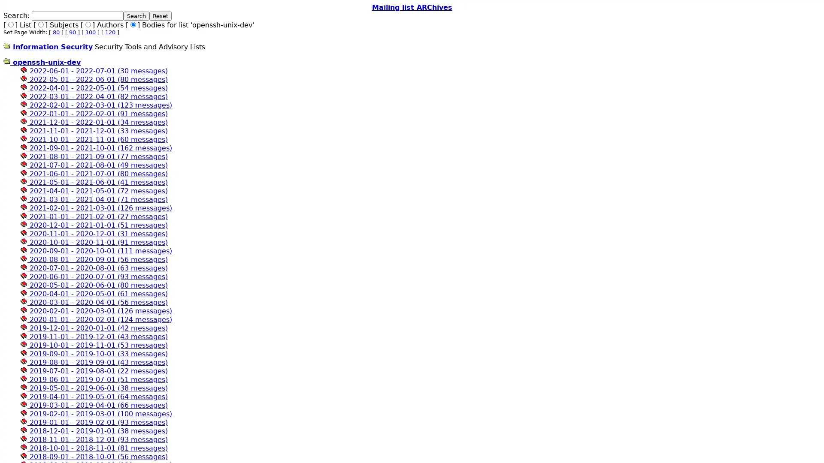  I want to click on Search, so click(136, 16).